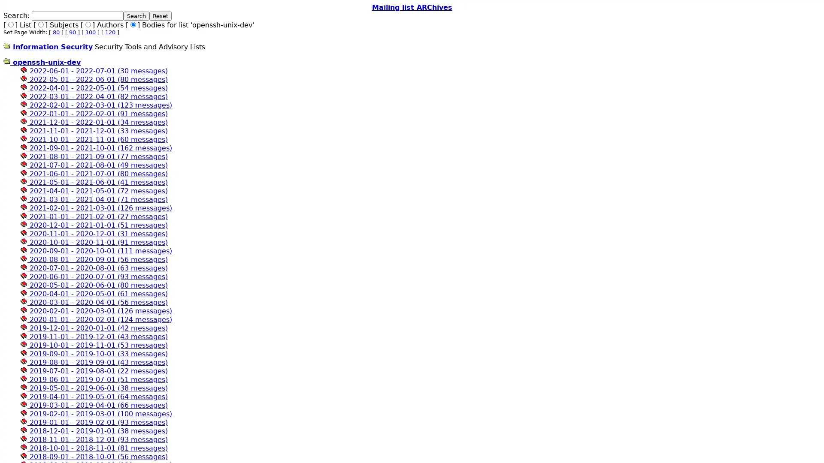  I want to click on Search, so click(136, 16).